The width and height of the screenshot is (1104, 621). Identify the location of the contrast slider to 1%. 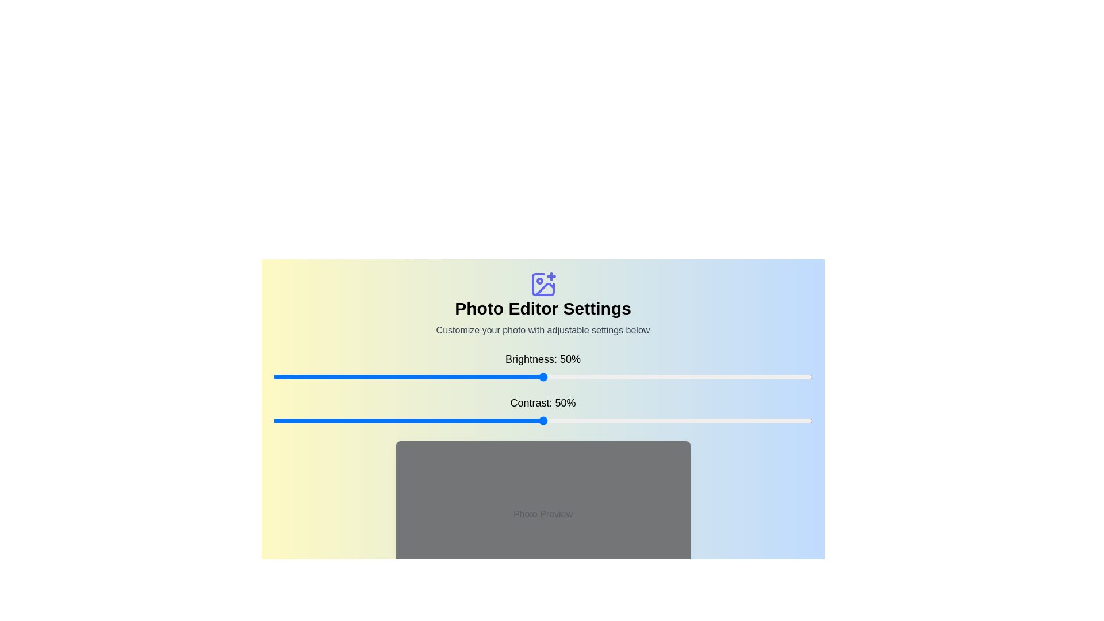
(278, 421).